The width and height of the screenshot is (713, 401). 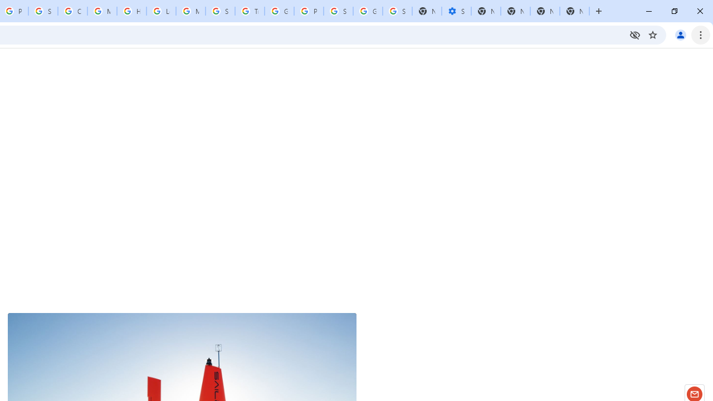 What do you see at coordinates (574, 11) in the screenshot?
I see `'New Tab'` at bounding box center [574, 11].